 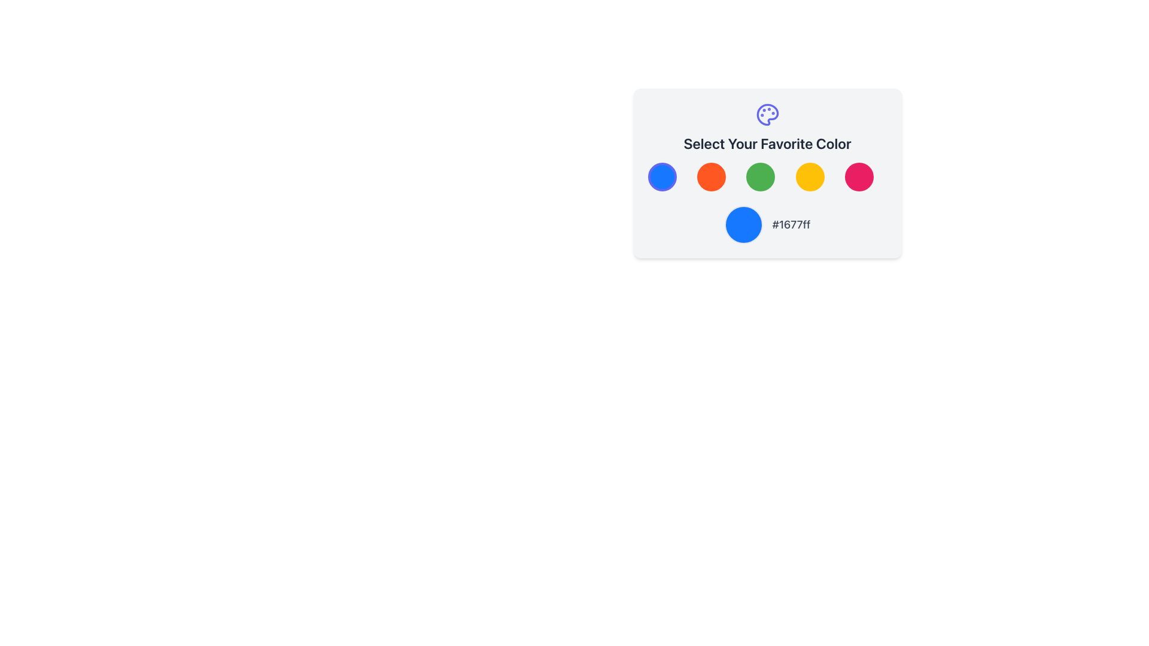 I want to click on the Circle Button, so click(x=767, y=173).